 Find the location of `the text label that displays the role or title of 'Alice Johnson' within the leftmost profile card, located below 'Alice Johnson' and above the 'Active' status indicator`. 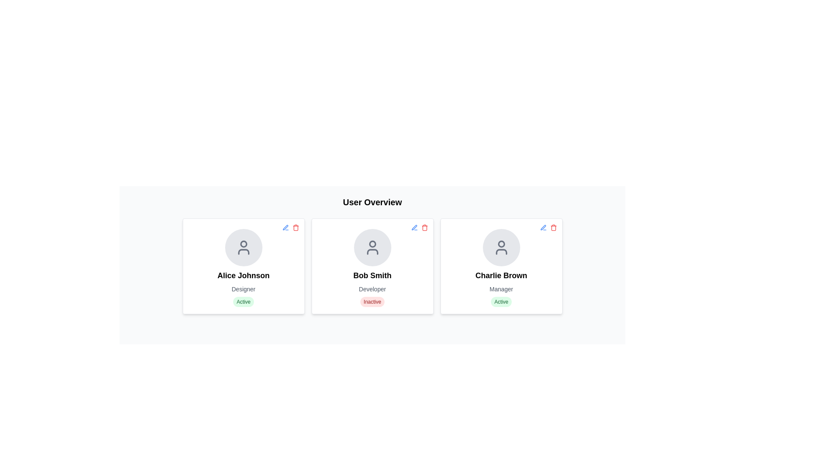

the text label that displays the role or title of 'Alice Johnson' within the leftmost profile card, located below 'Alice Johnson' and above the 'Active' status indicator is located at coordinates (243, 289).